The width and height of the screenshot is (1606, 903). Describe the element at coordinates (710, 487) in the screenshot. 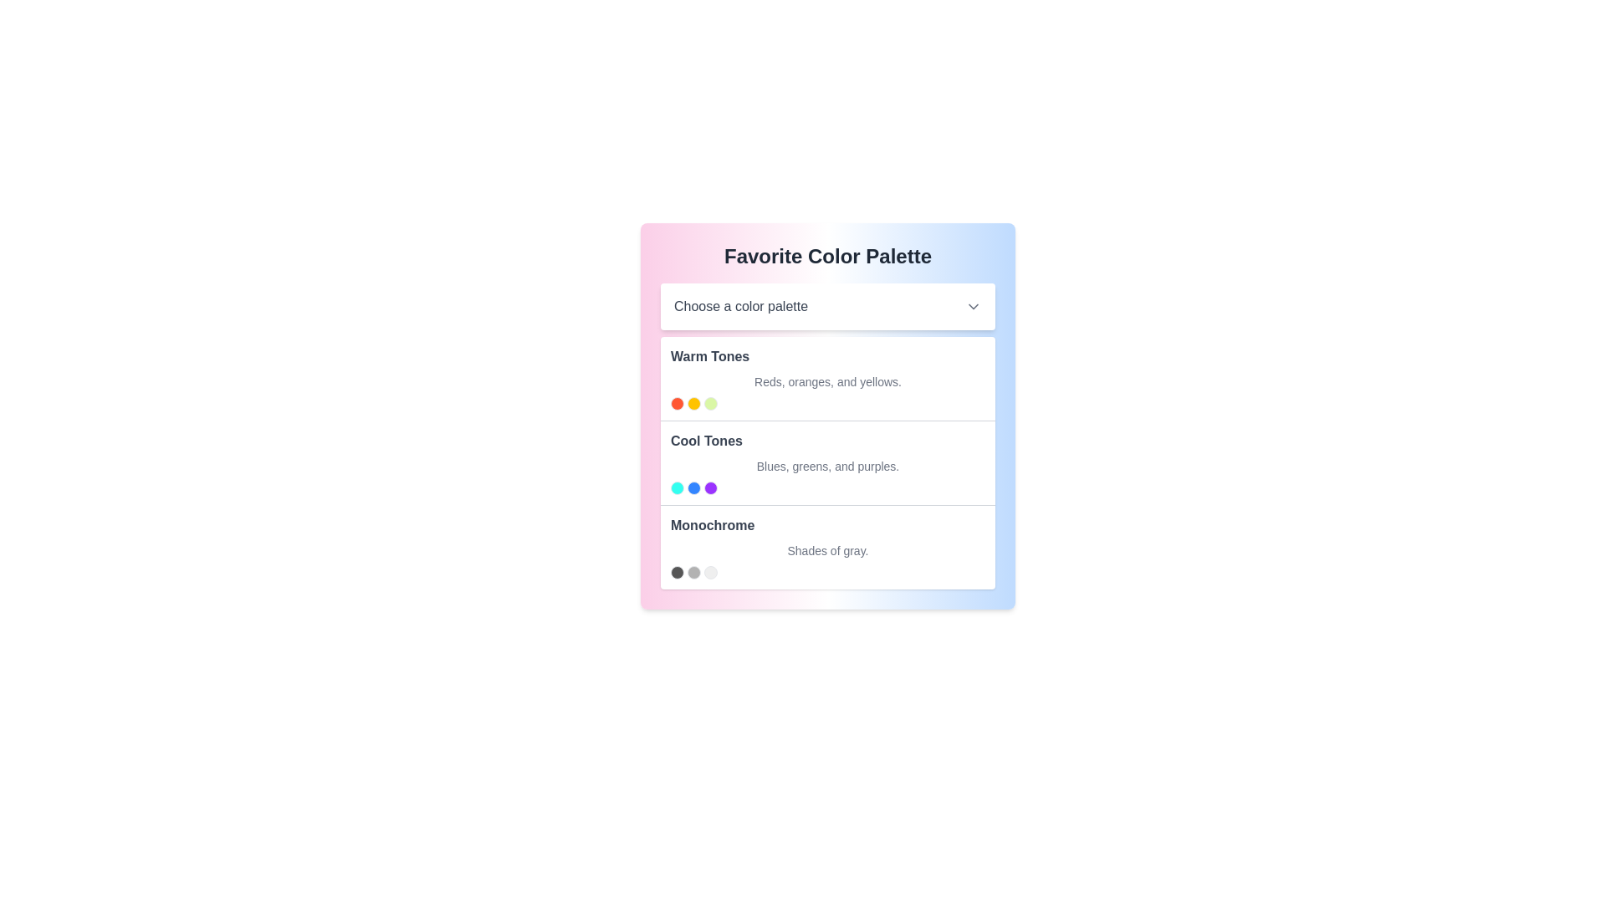

I see `the third circular visual indicator with a solid purple fill located in the 'Cool Tones' section of the interface` at that location.